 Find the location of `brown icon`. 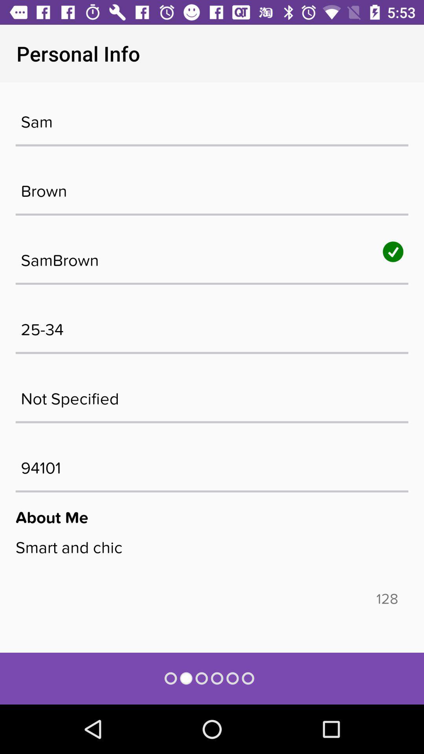

brown icon is located at coordinates (212, 187).